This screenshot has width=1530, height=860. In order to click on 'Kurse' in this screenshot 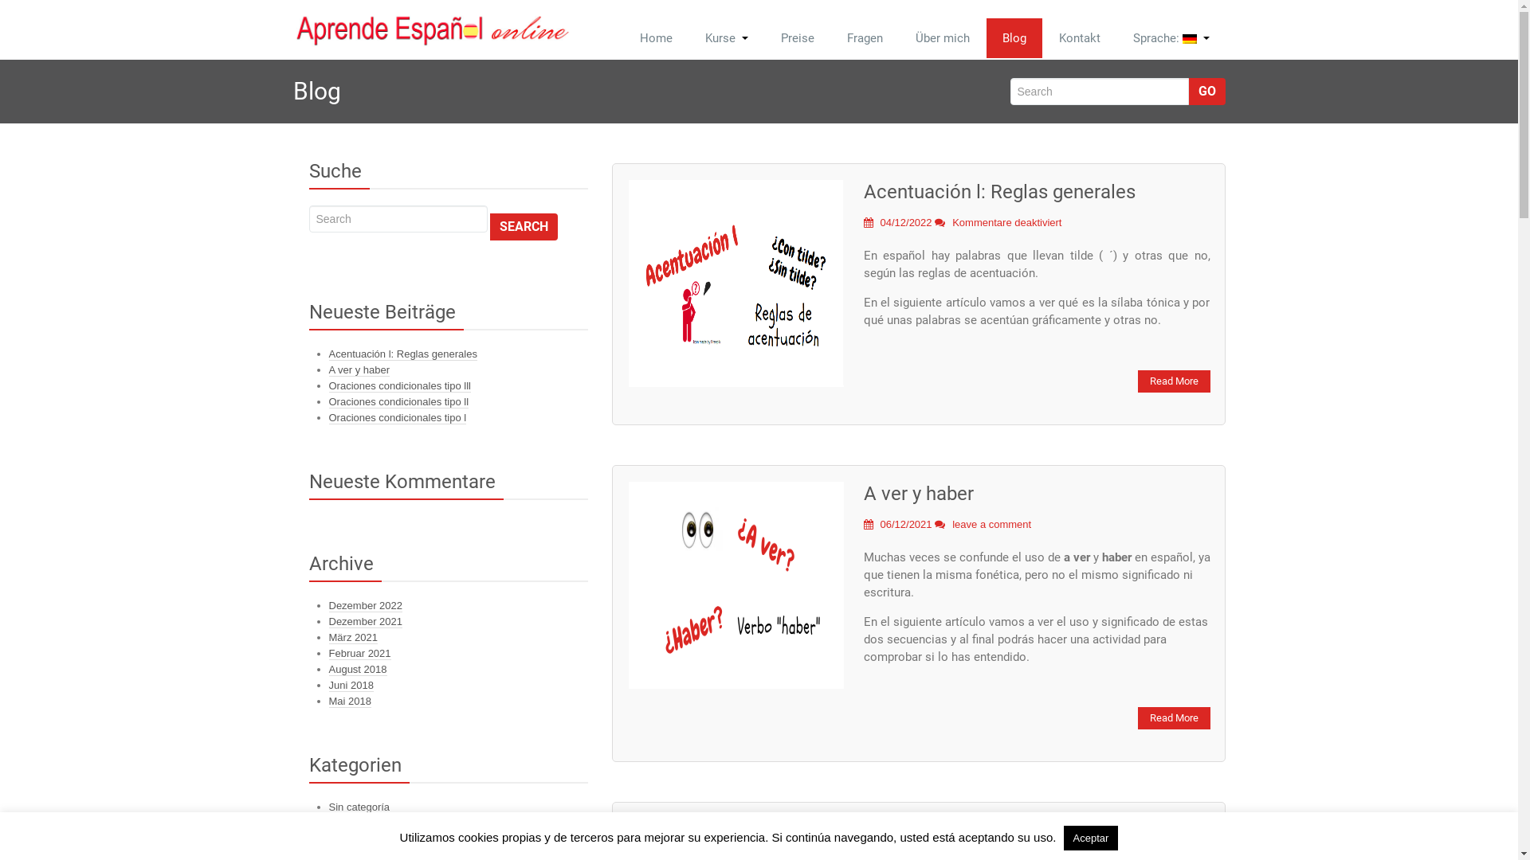, I will do `click(725, 37)`.